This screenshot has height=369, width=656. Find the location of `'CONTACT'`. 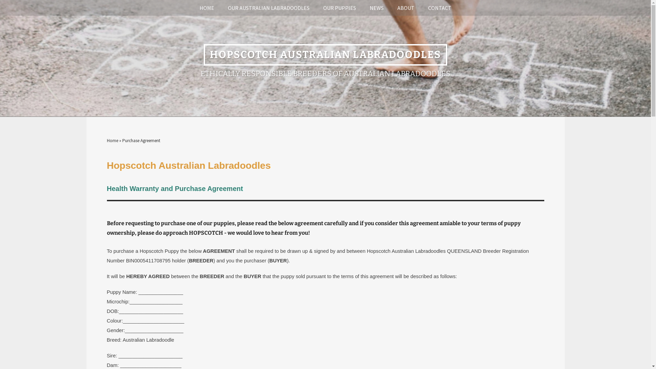

'CONTACT' is located at coordinates (439, 8).